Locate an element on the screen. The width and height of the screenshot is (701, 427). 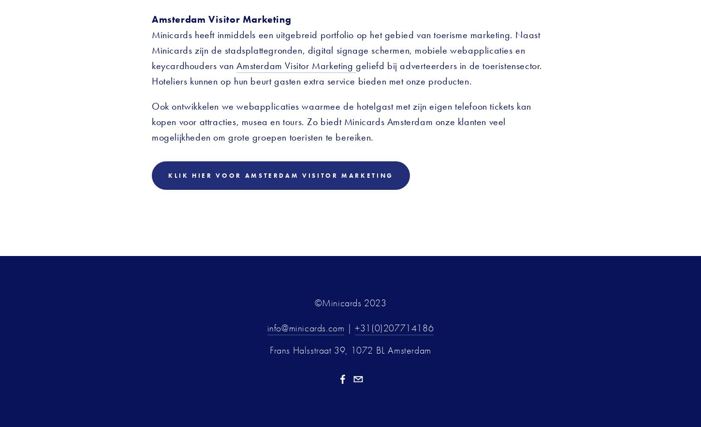
'klik hier voor Amsterdam Visitor Marketing' is located at coordinates (280, 174).